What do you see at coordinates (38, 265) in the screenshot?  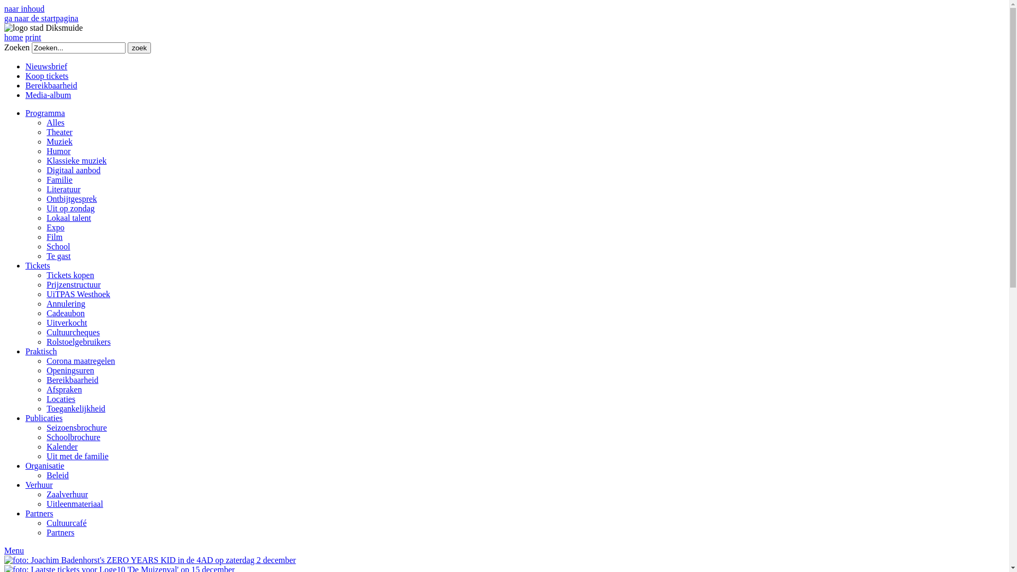 I see `'Tickets'` at bounding box center [38, 265].